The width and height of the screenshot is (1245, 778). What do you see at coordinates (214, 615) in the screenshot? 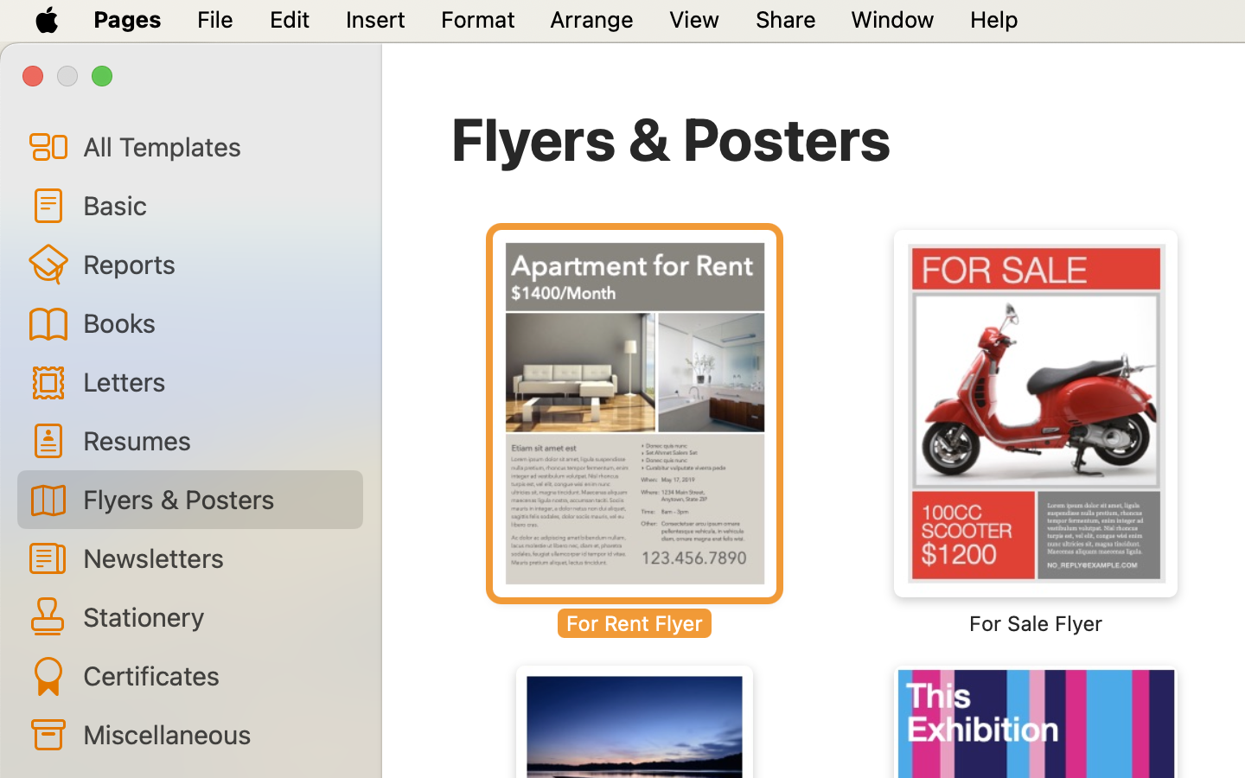
I see `'Stationery'` at bounding box center [214, 615].